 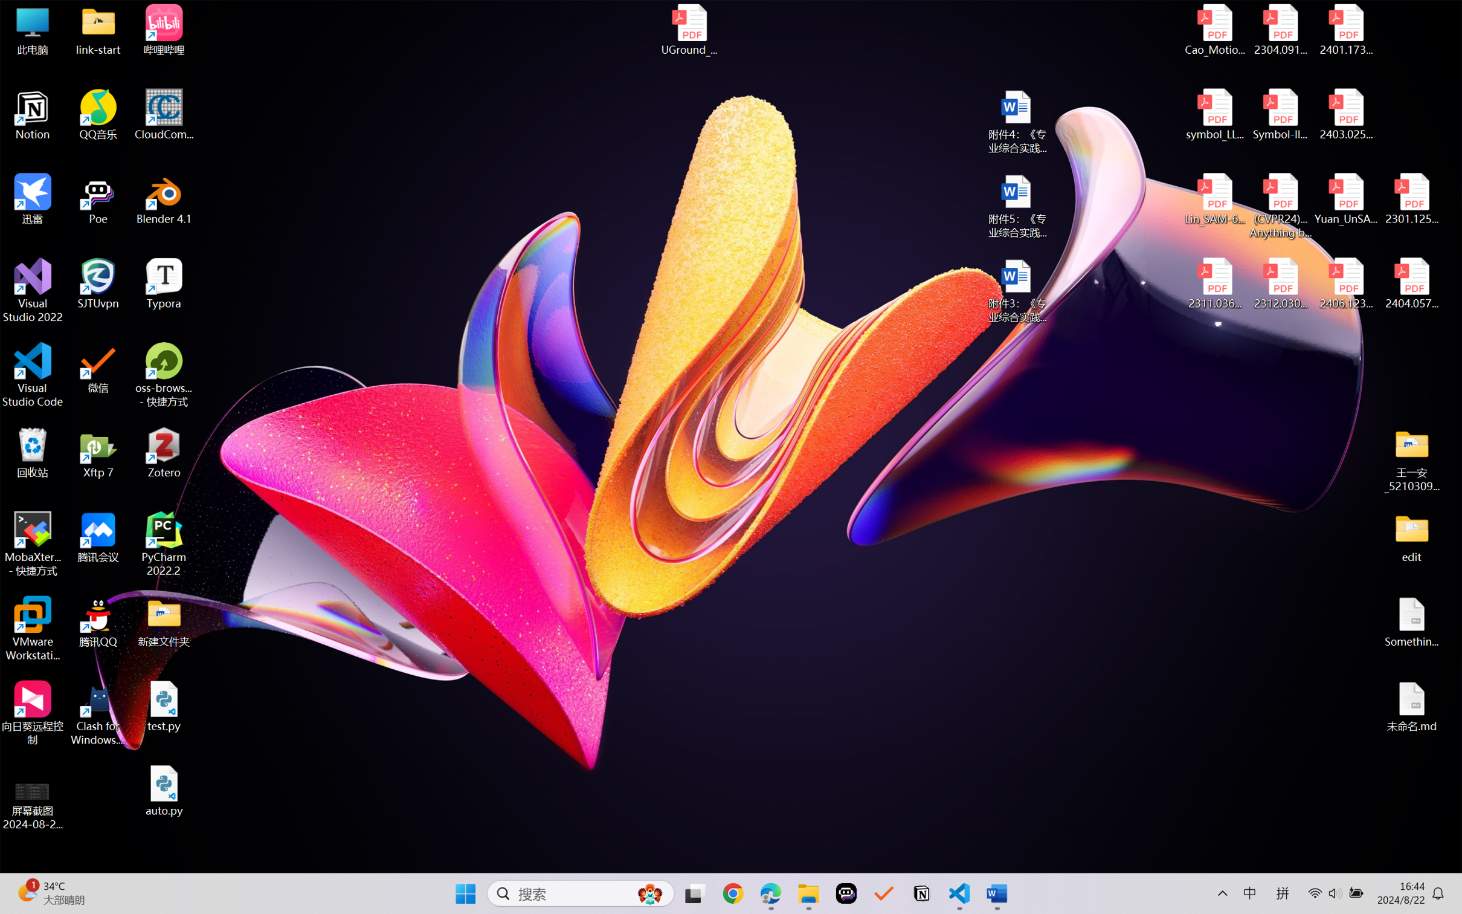 What do you see at coordinates (1280, 115) in the screenshot?
I see `'Symbol-llm-v2.pdf'` at bounding box center [1280, 115].